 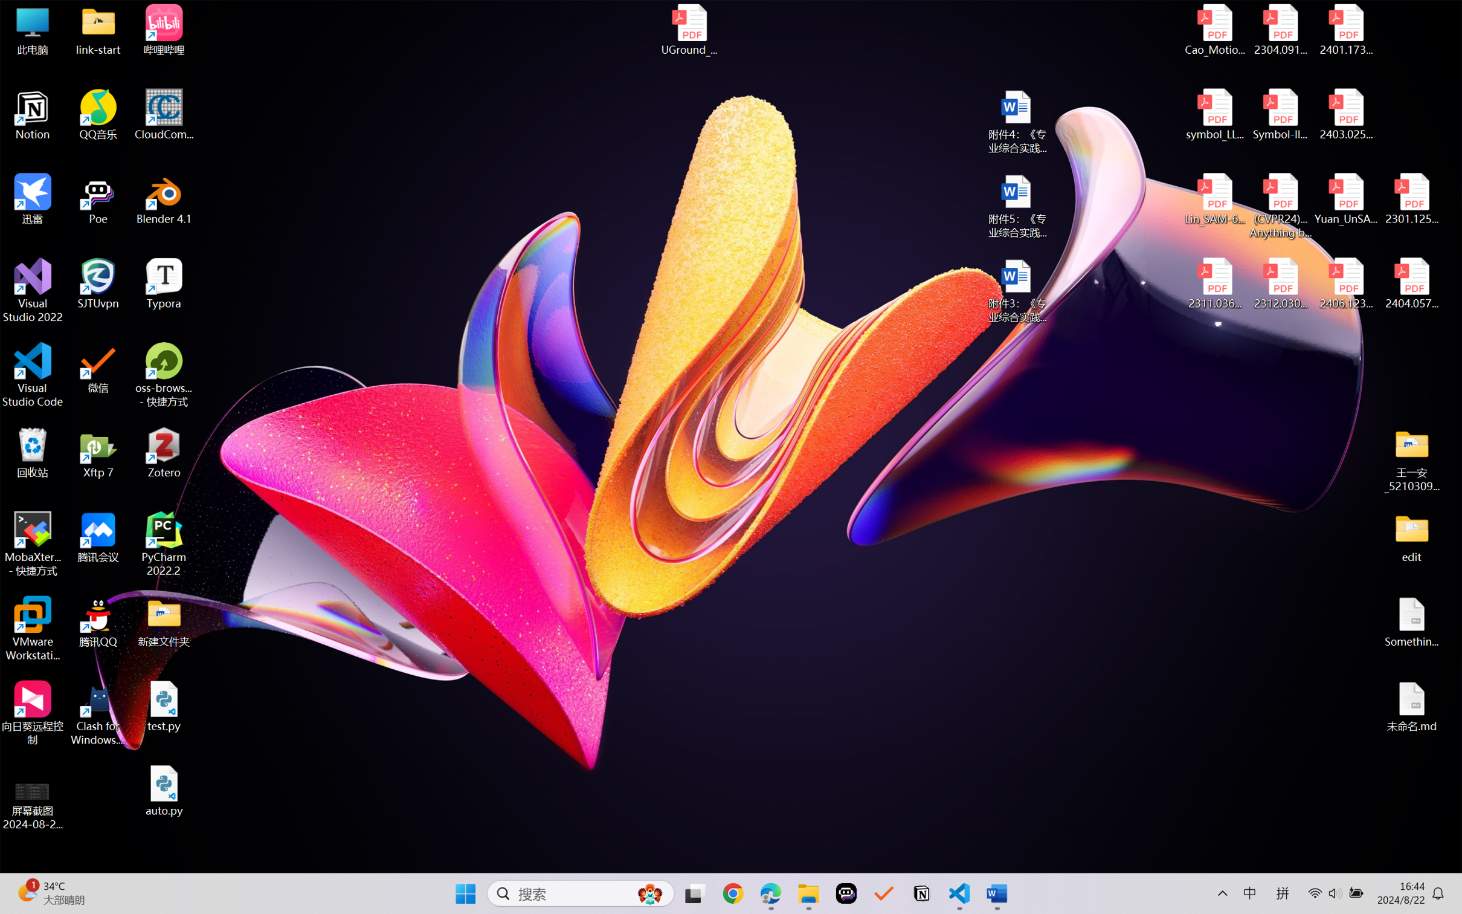 What do you see at coordinates (1280, 115) in the screenshot?
I see `'Symbol-llm-v2.pdf'` at bounding box center [1280, 115].